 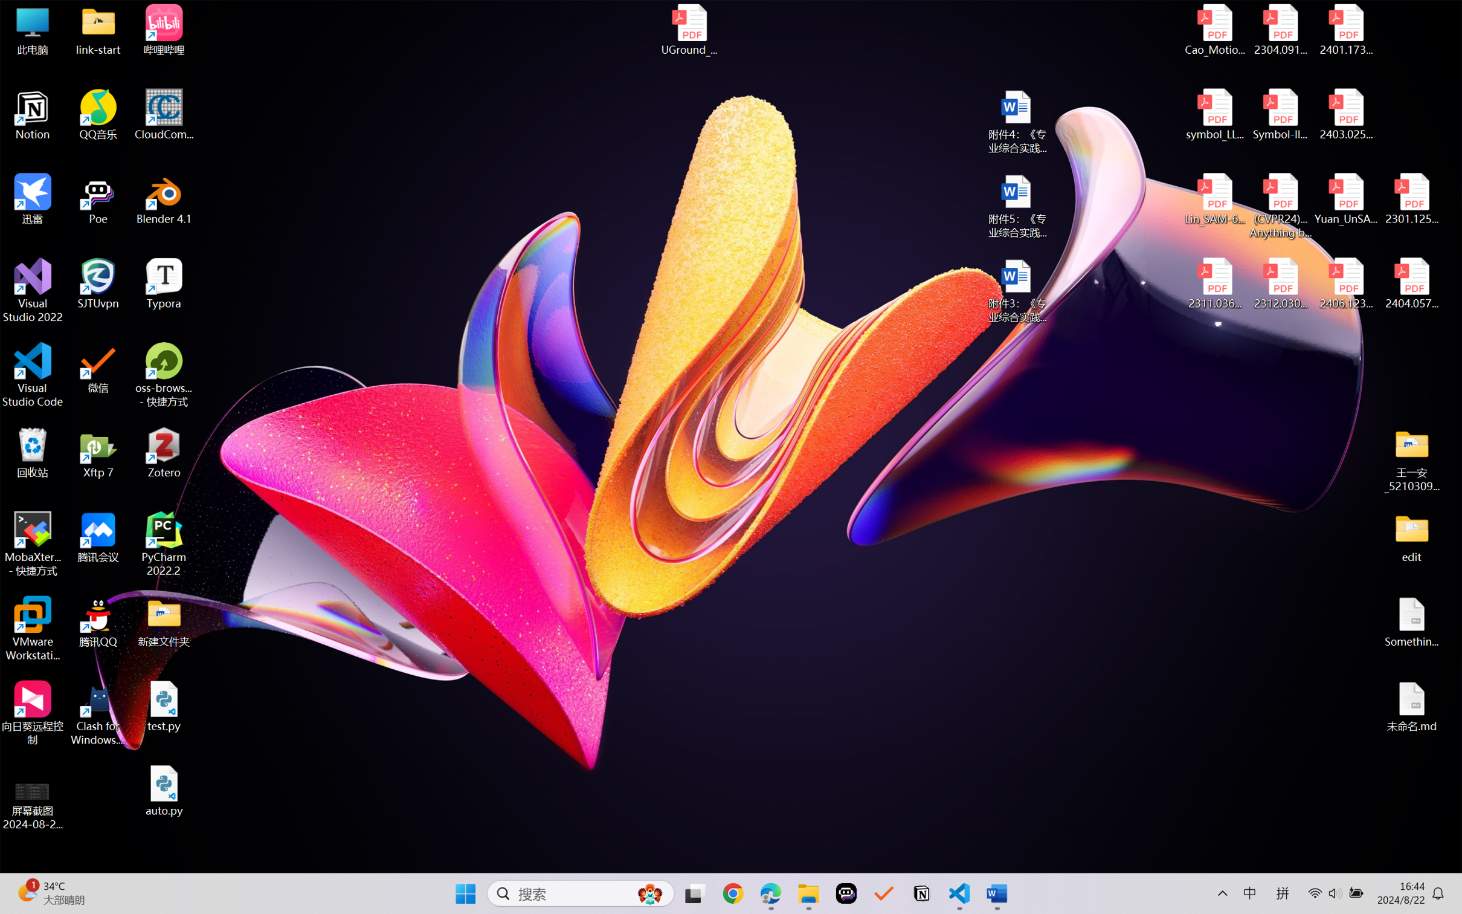 What do you see at coordinates (1280, 115) in the screenshot?
I see `'Symbol-llm-v2.pdf'` at bounding box center [1280, 115].